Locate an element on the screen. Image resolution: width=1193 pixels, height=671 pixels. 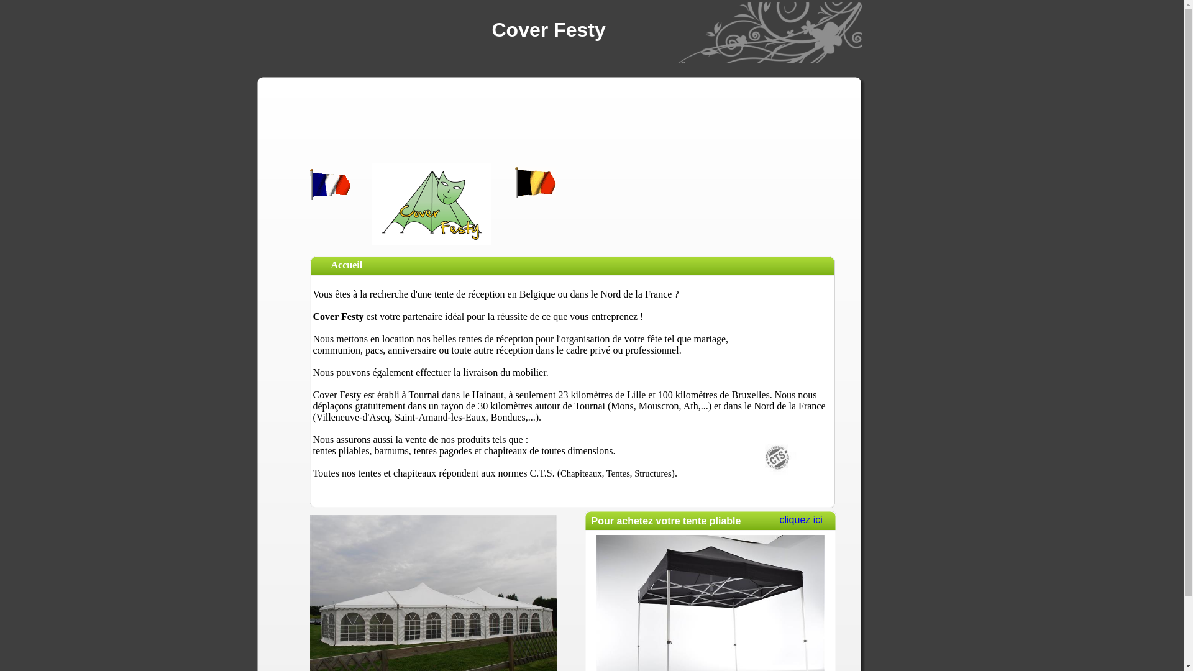
'cliquez ici' is located at coordinates (778, 519).